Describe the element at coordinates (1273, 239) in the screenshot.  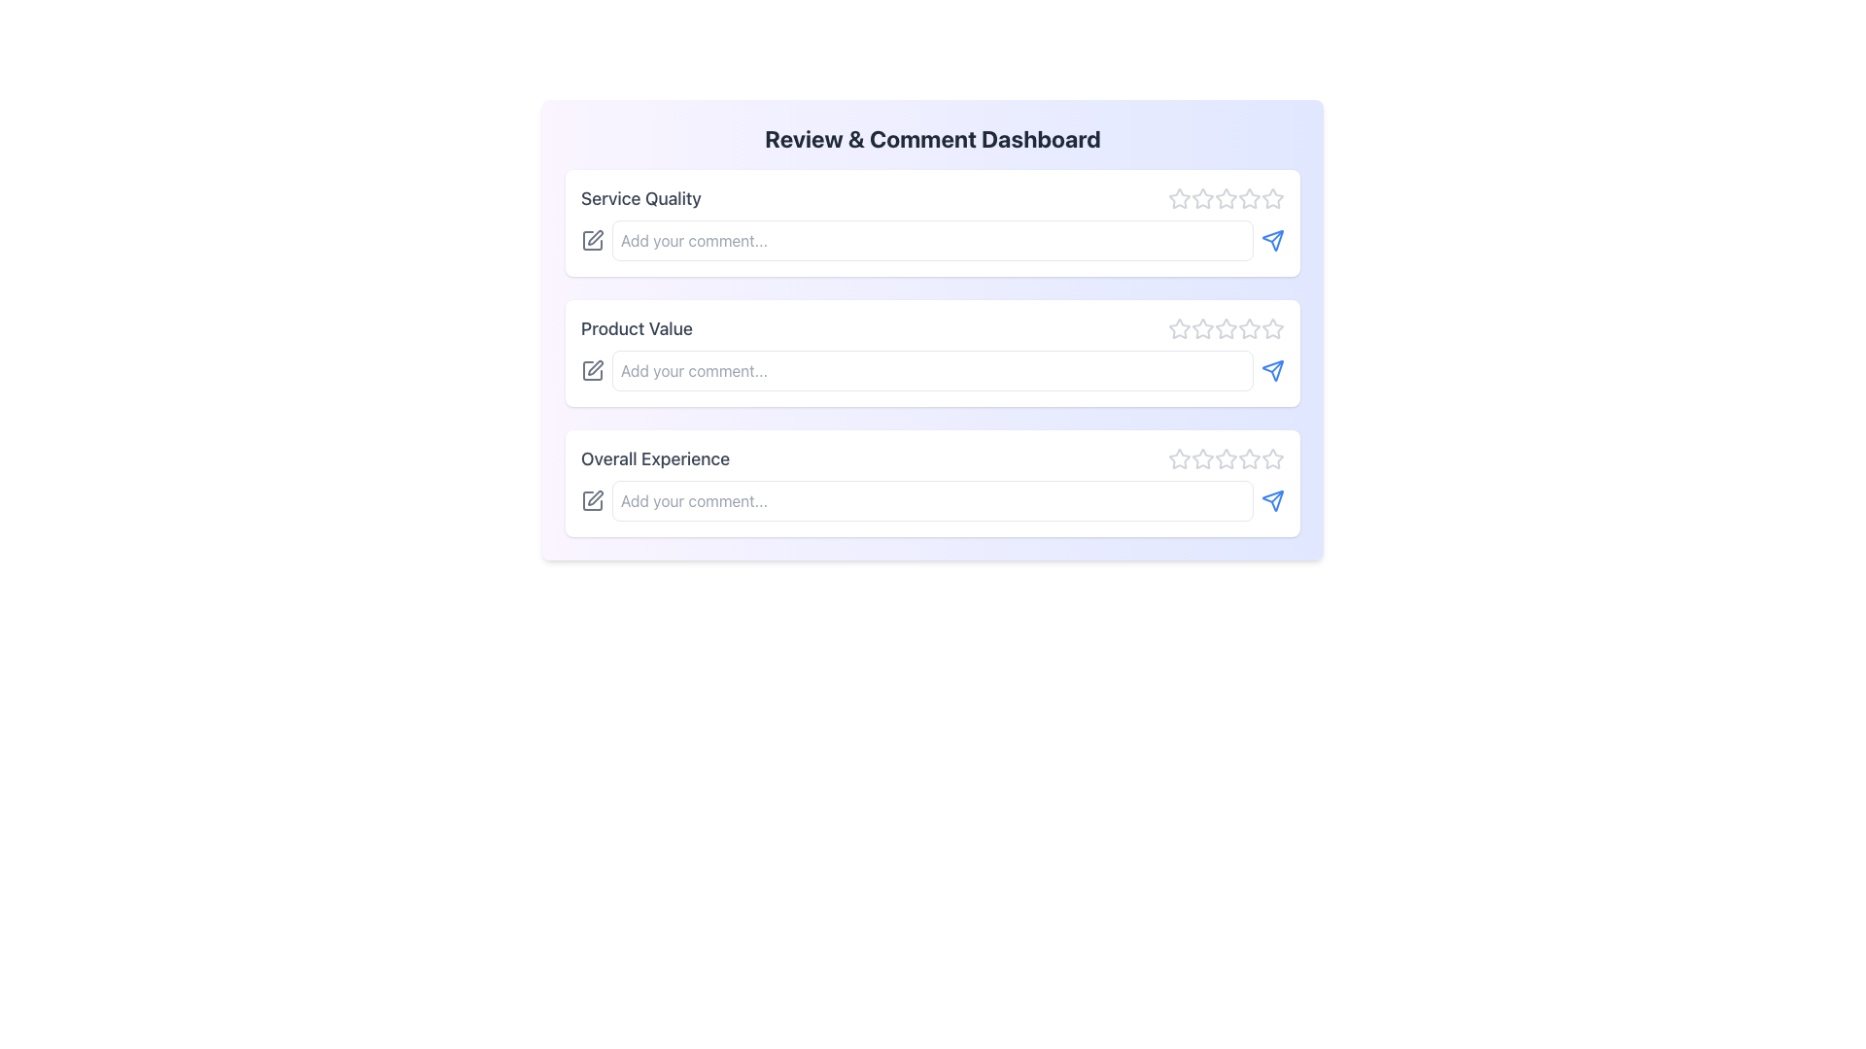
I see `the 'Submit' button located to the far right within the 'Service Quality' comment section` at that location.